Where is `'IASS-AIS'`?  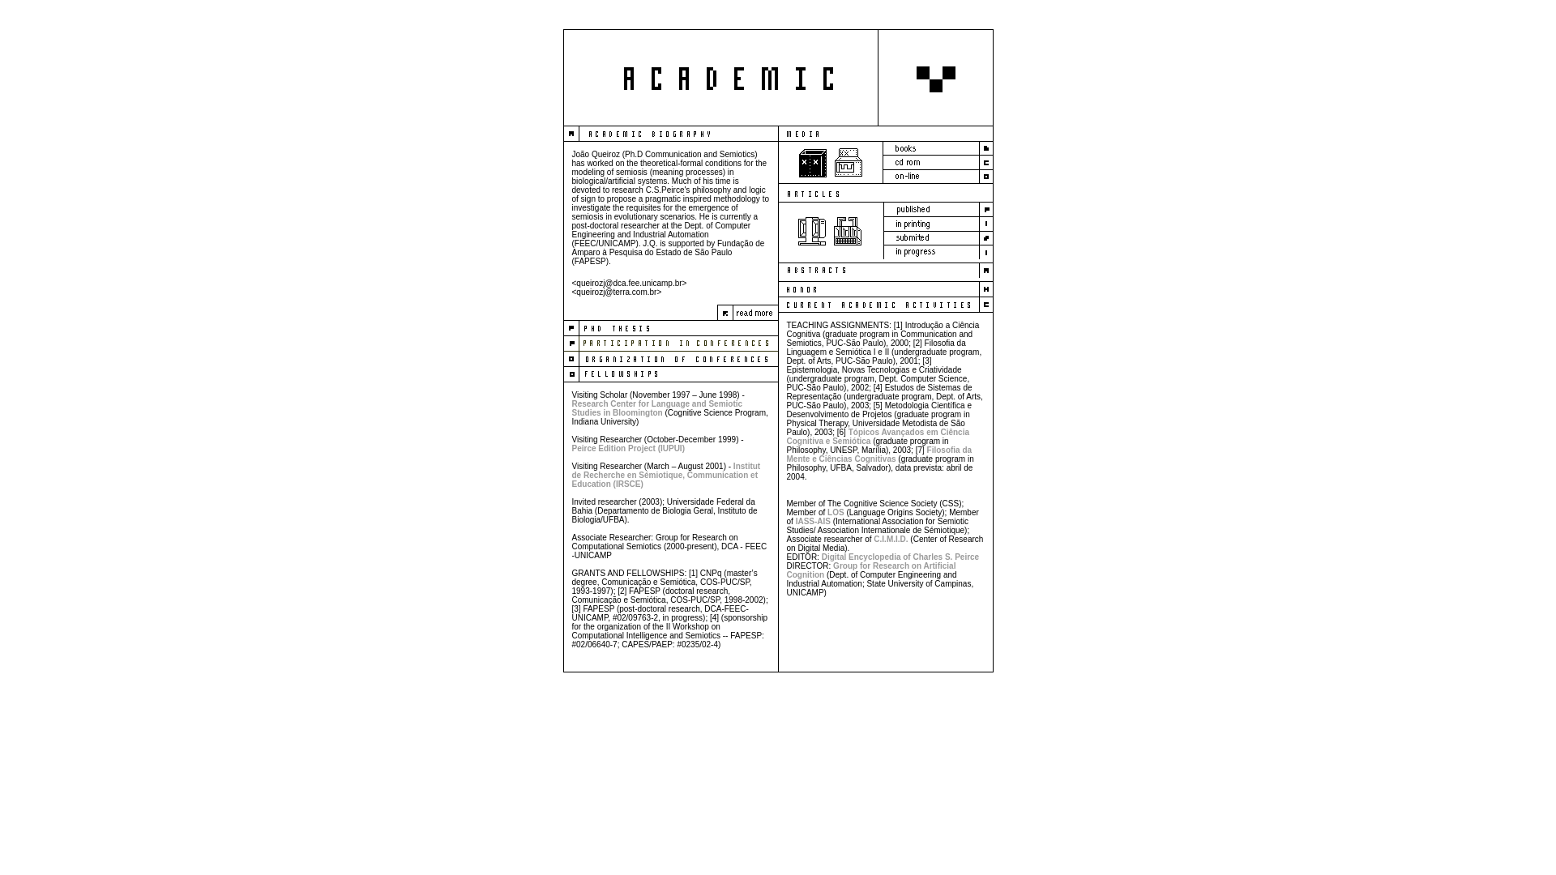 'IASS-AIS' is located at coordinates (813, 521).